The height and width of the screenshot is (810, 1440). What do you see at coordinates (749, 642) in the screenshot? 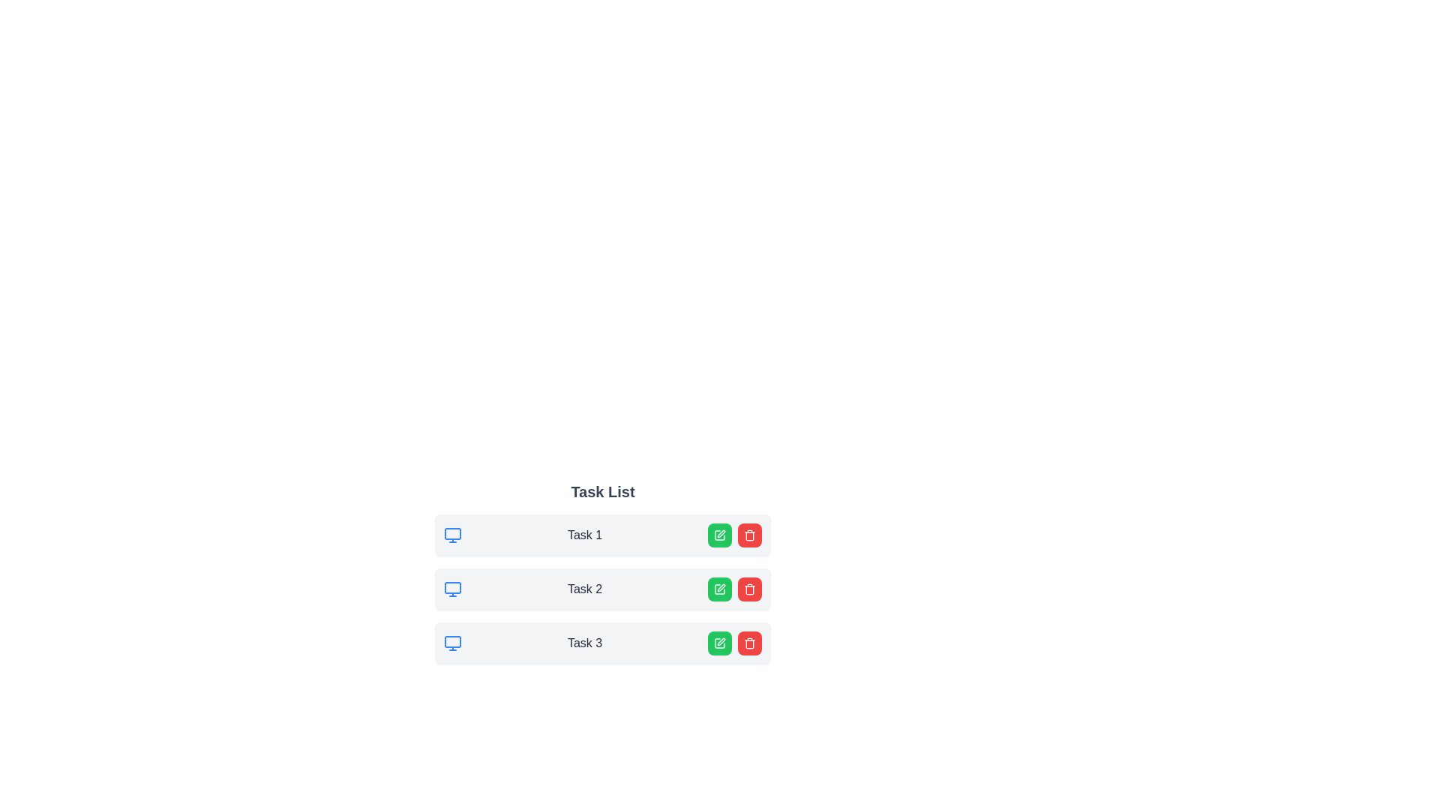
I see `the red delete button located in the last column of the third row within the task list` at bounding box center [749, 642].